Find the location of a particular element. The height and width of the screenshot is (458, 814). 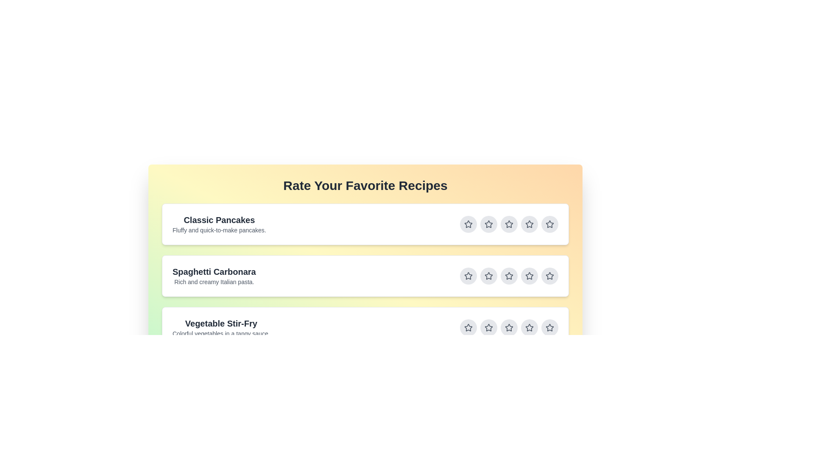

the star button for rating 4 of the recipe Spaghetti Carbonara is located at coordinates (529, 276).